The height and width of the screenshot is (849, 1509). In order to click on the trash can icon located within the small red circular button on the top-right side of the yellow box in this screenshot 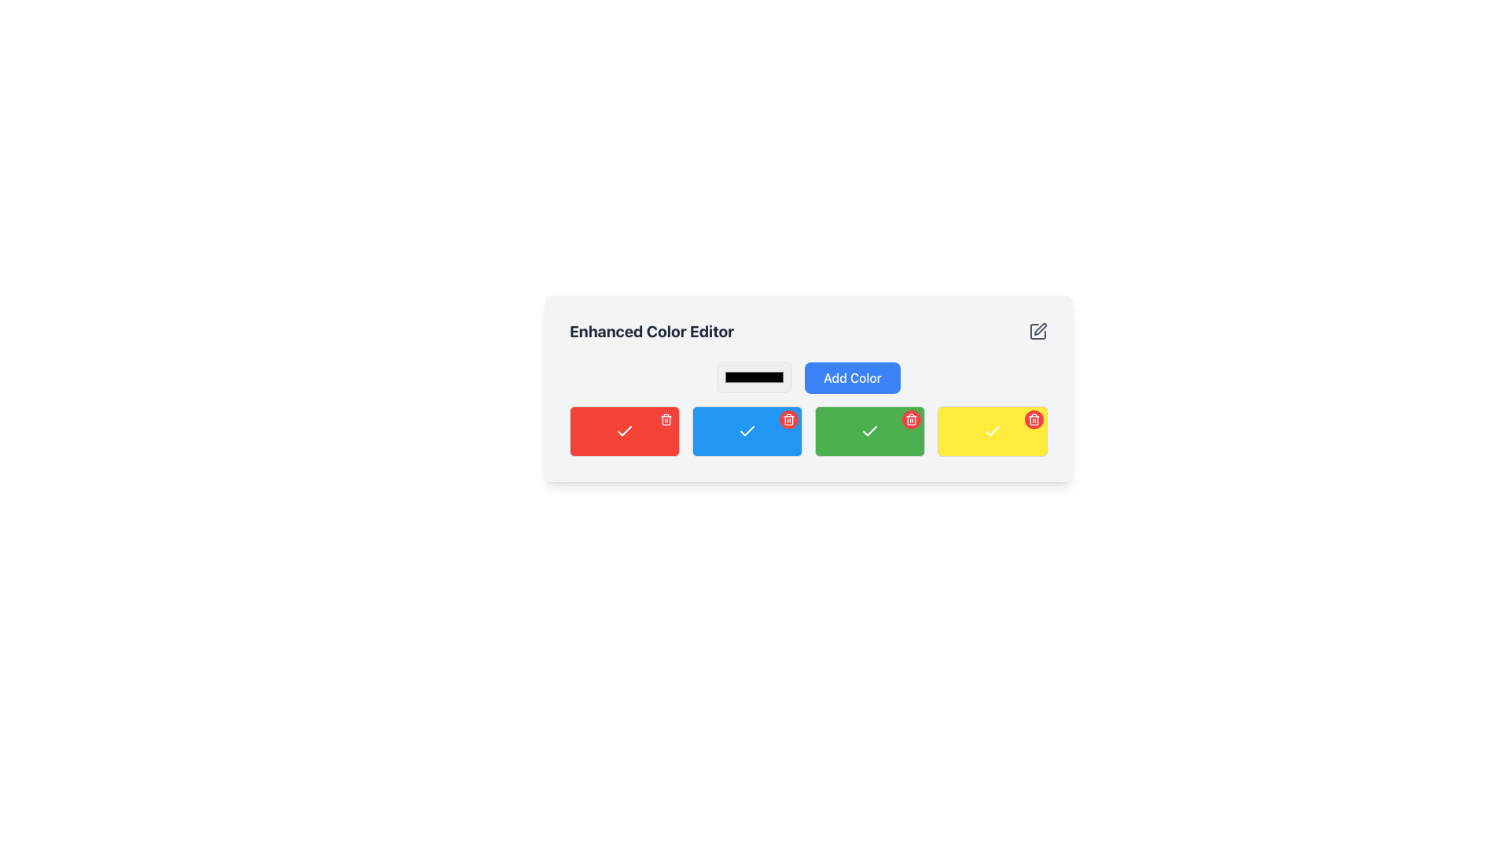, I will do `click(912, 418)`.